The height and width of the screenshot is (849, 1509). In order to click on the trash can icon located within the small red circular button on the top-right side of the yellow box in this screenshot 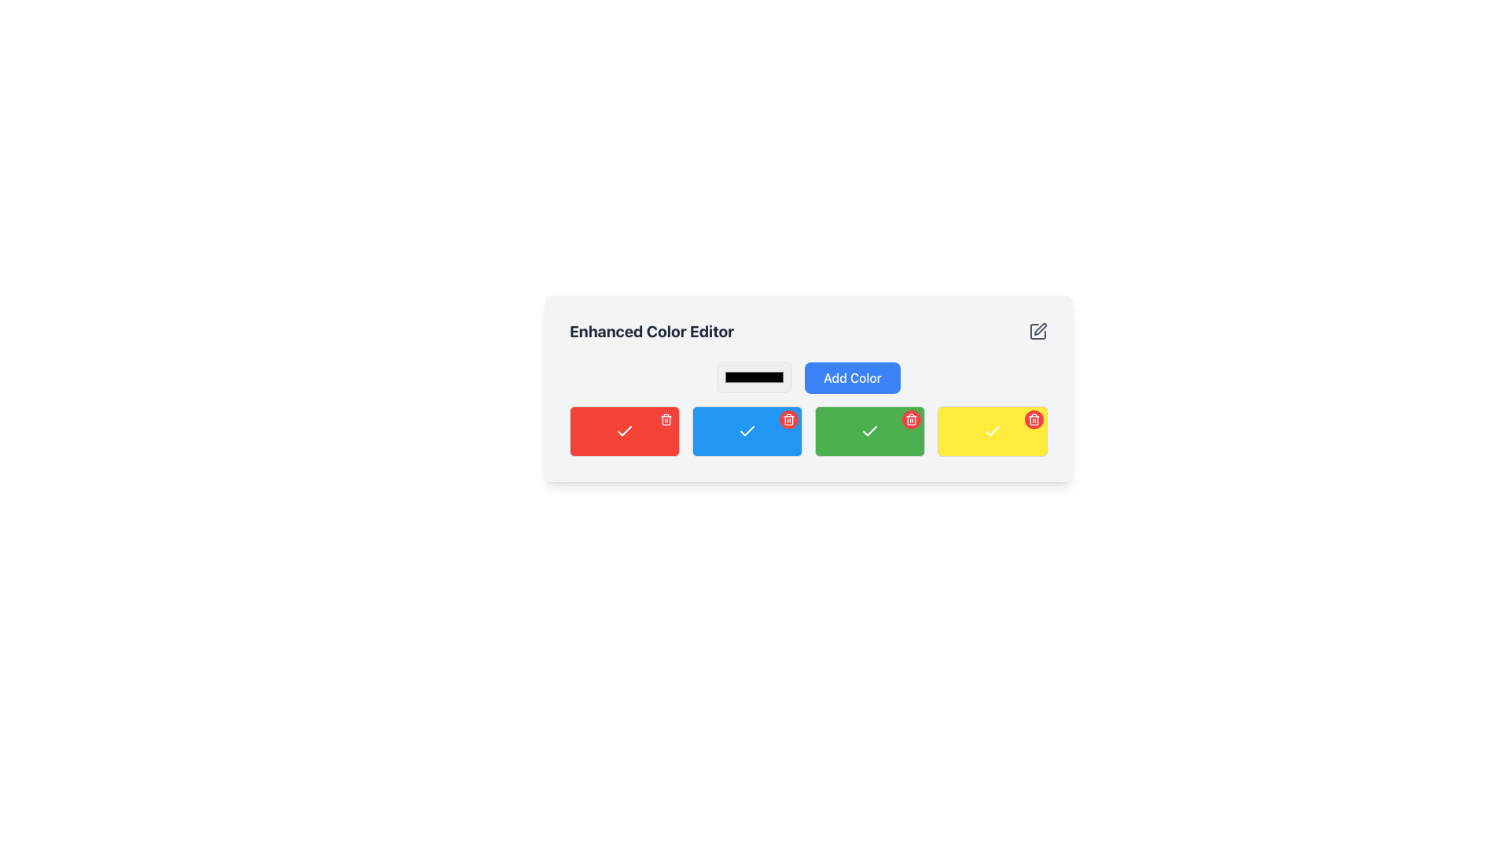, I will do `click(912, 418)`.